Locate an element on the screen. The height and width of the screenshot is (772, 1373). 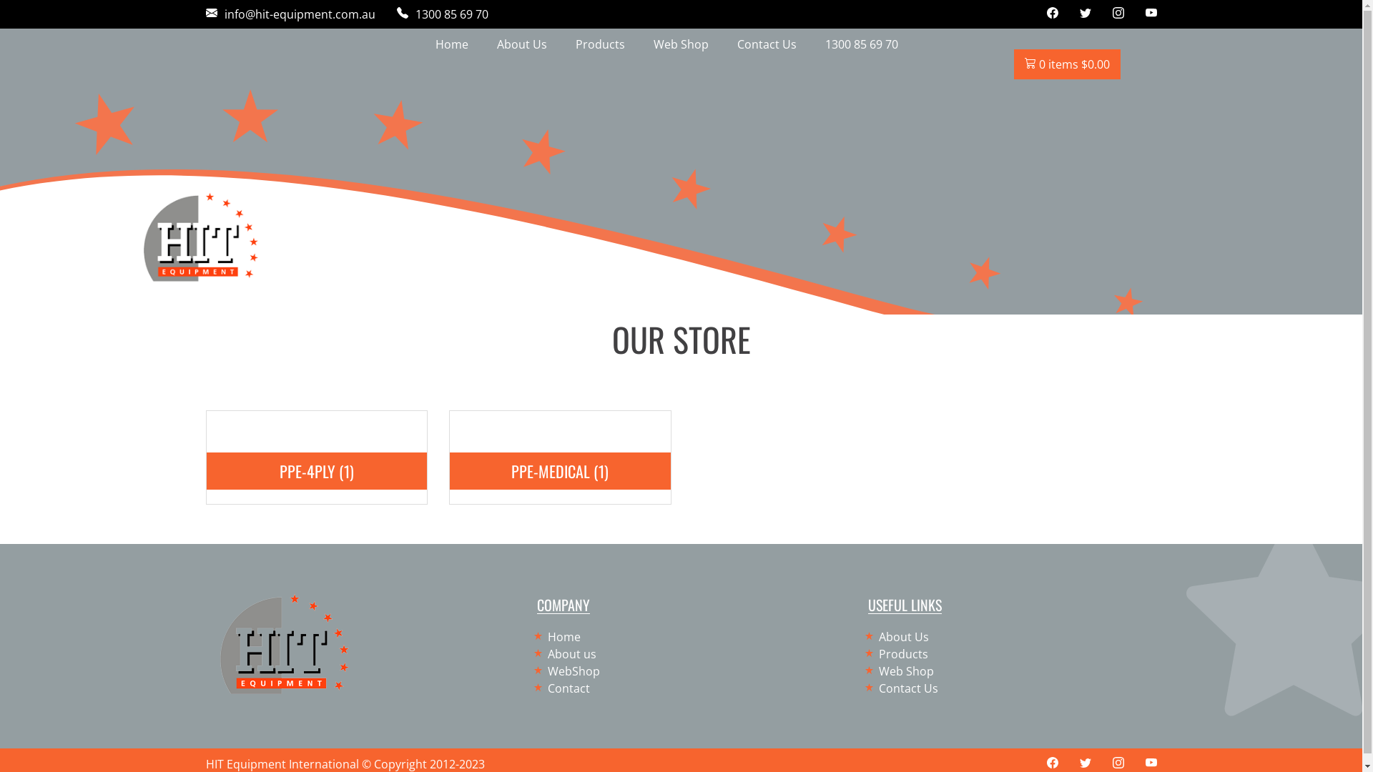
'Home' is located at coordinates (558, 636).